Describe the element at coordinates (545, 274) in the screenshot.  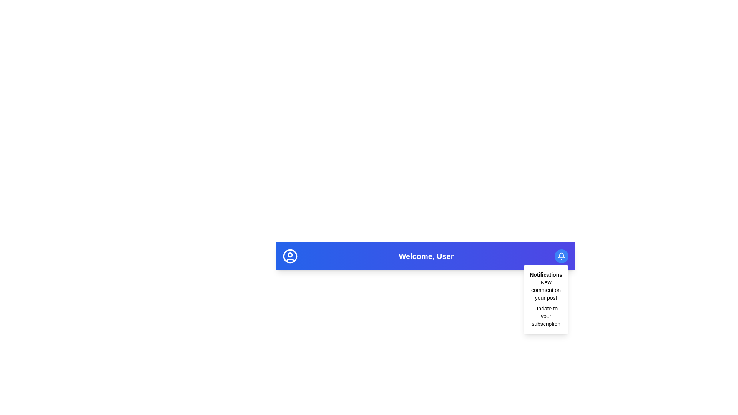
I see `the 'Notifications' text label located in the dropdown menu at the top-right corner of the interface, which indicates the category of subsequent content` at that location.